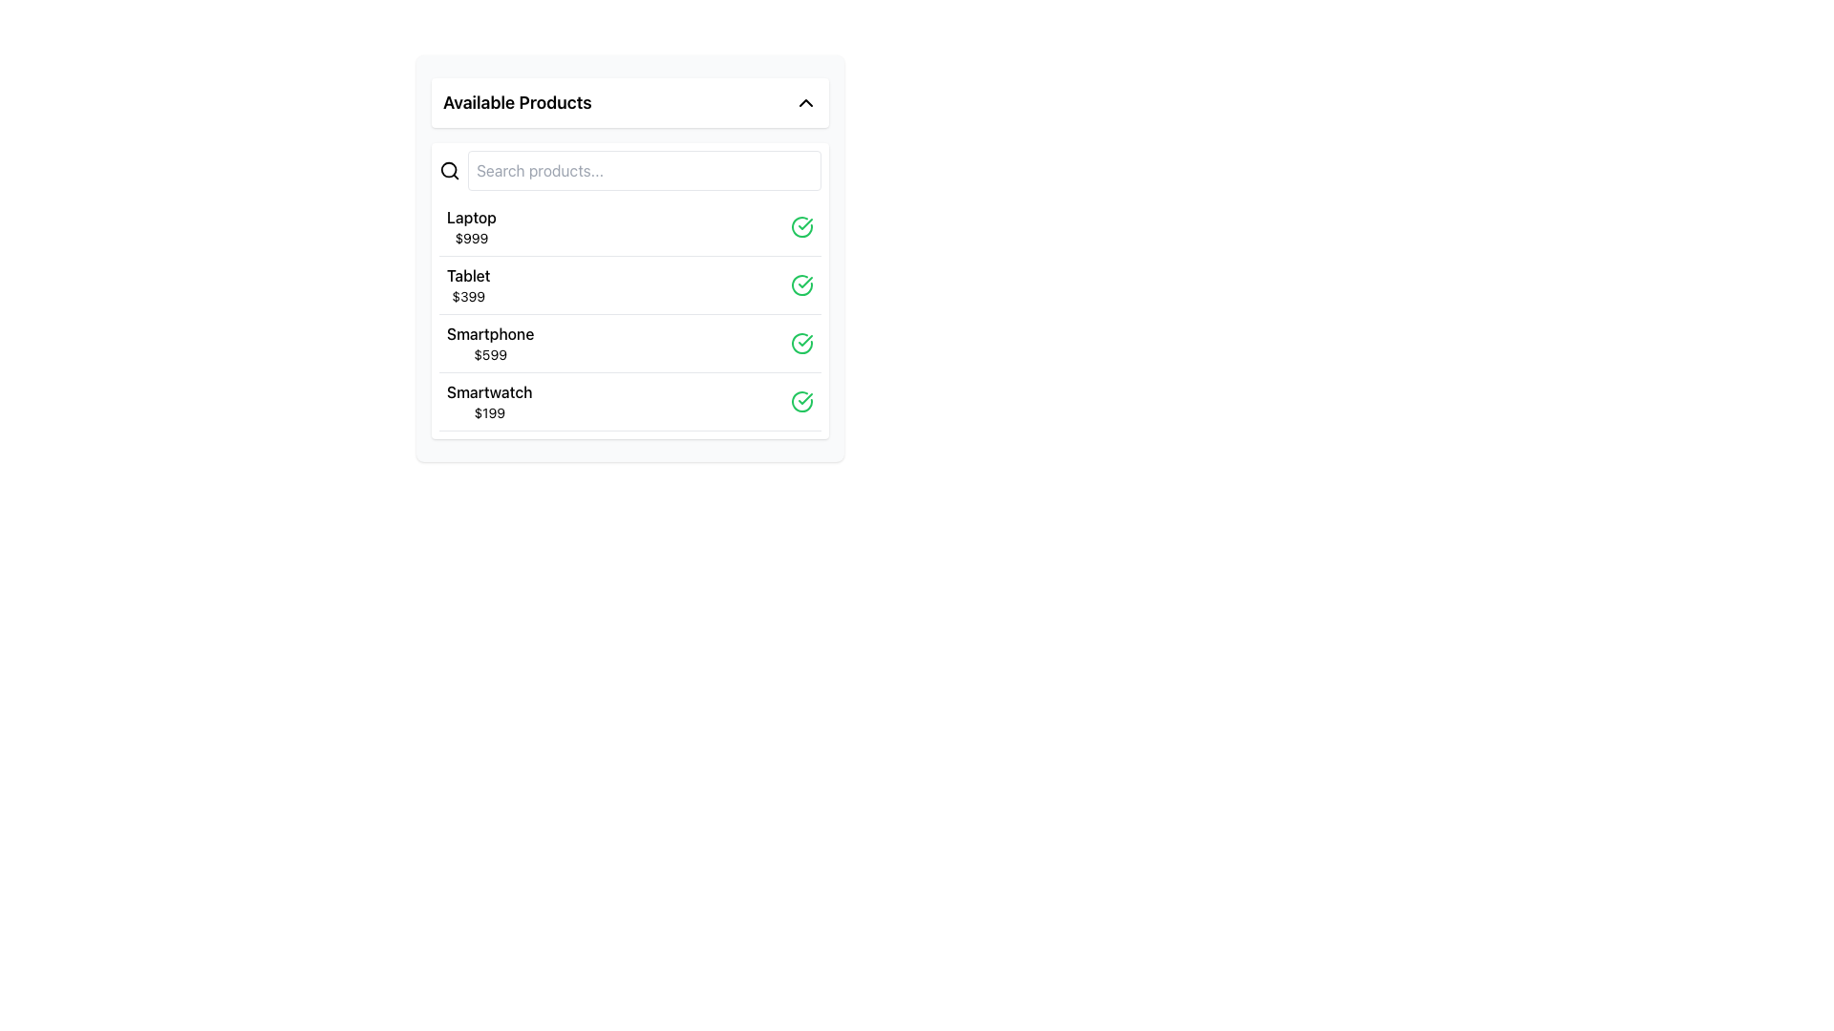 Image resolution: width=1834 pixels, height=1031 pixels. What do you see at coordinates (802, 226) in the screenshot?
I see `the confirmation icon for the 'Laptop' product priced at '$999', located on the far-right side of its row in the product list` at bounding box center [802, 226].